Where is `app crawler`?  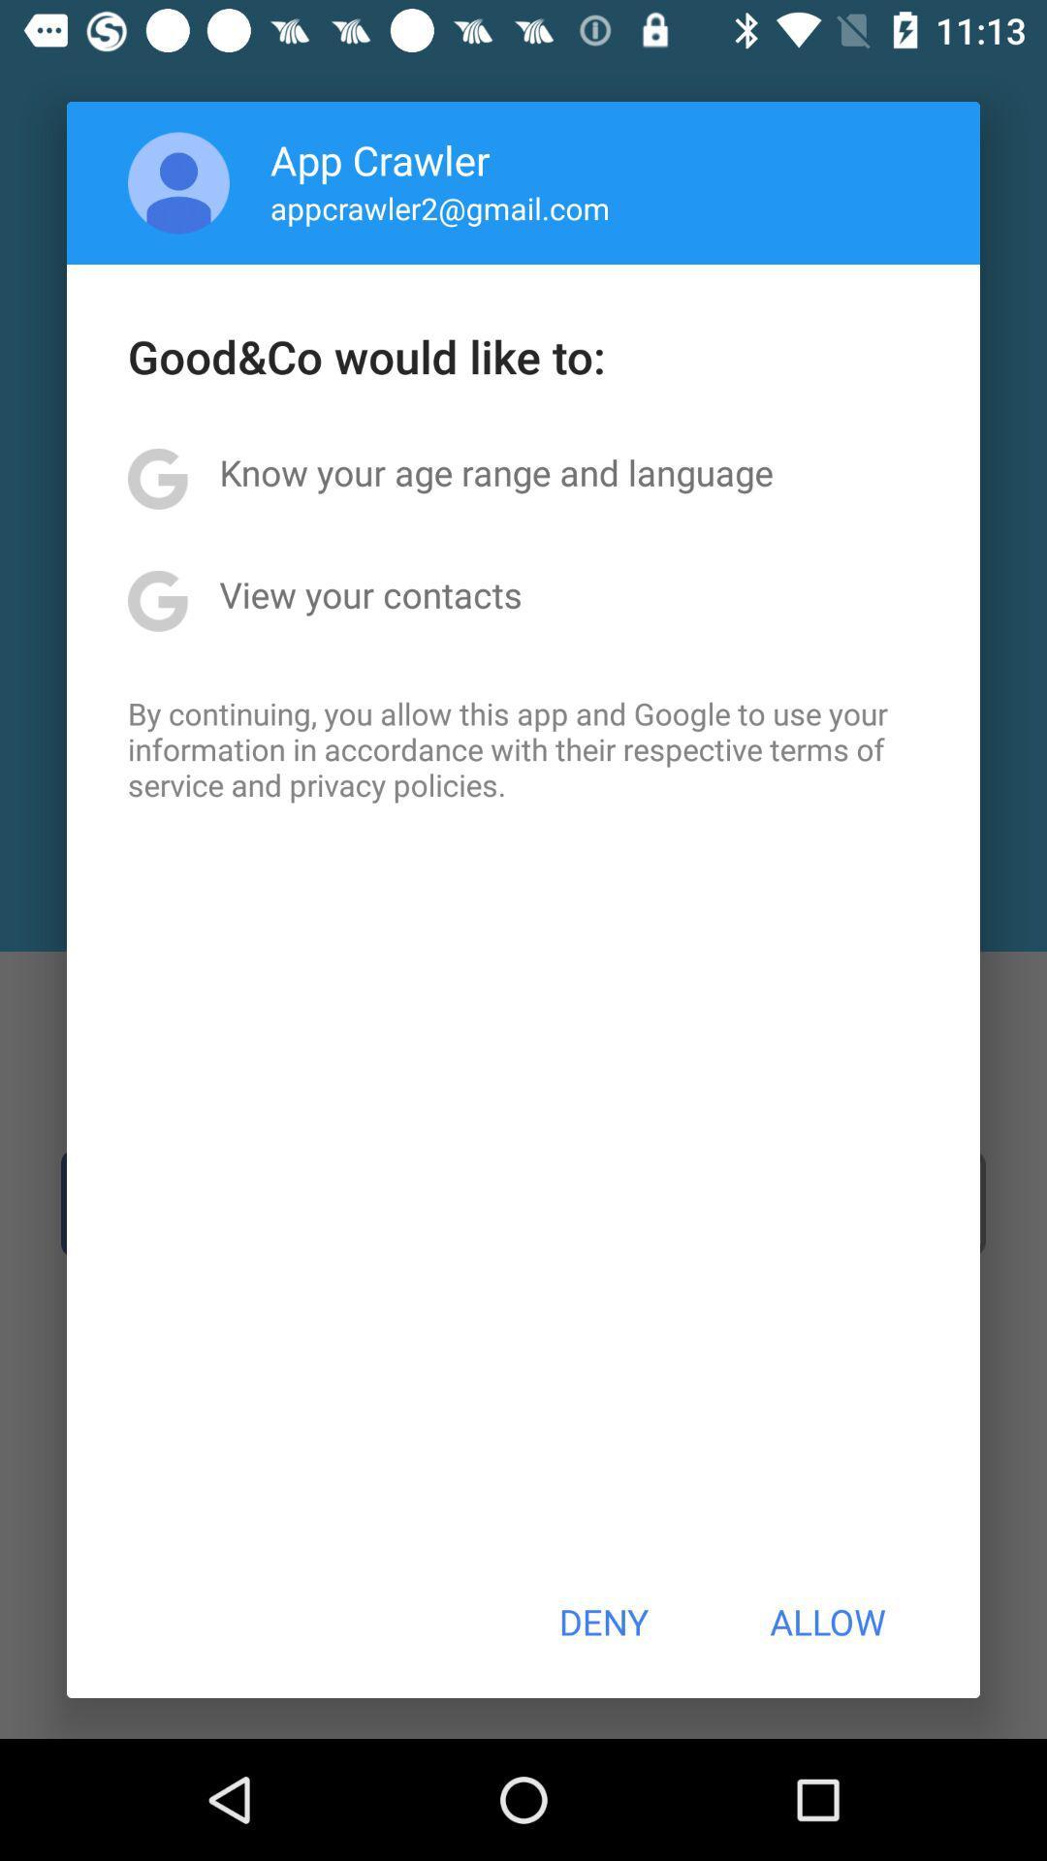
app crawler is located at coordinates (380, 159).